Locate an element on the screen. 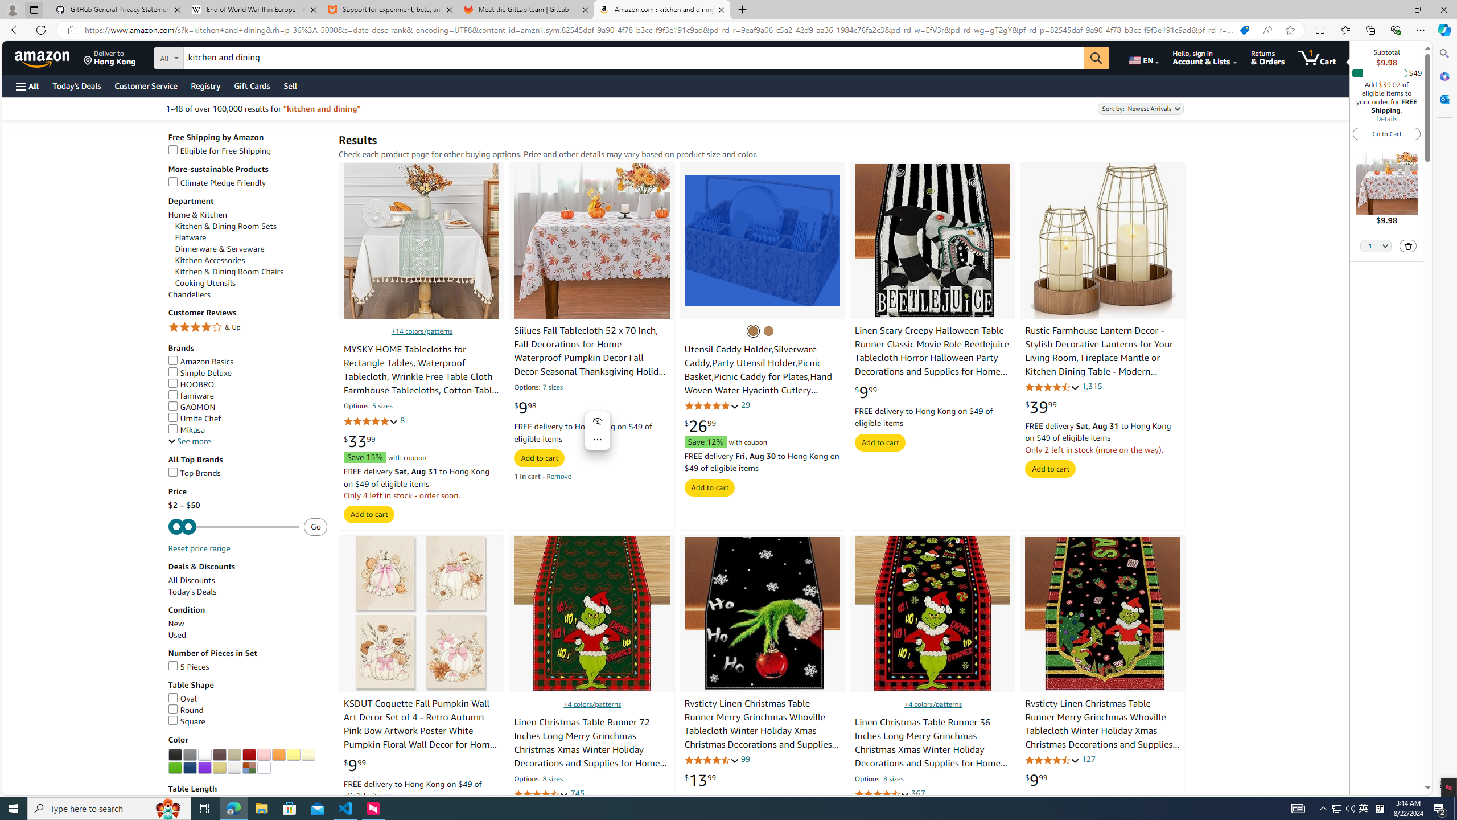 This screenshot has width=1457, height=820. '+14 colors/patterns' is located at coordinates (422, 331).